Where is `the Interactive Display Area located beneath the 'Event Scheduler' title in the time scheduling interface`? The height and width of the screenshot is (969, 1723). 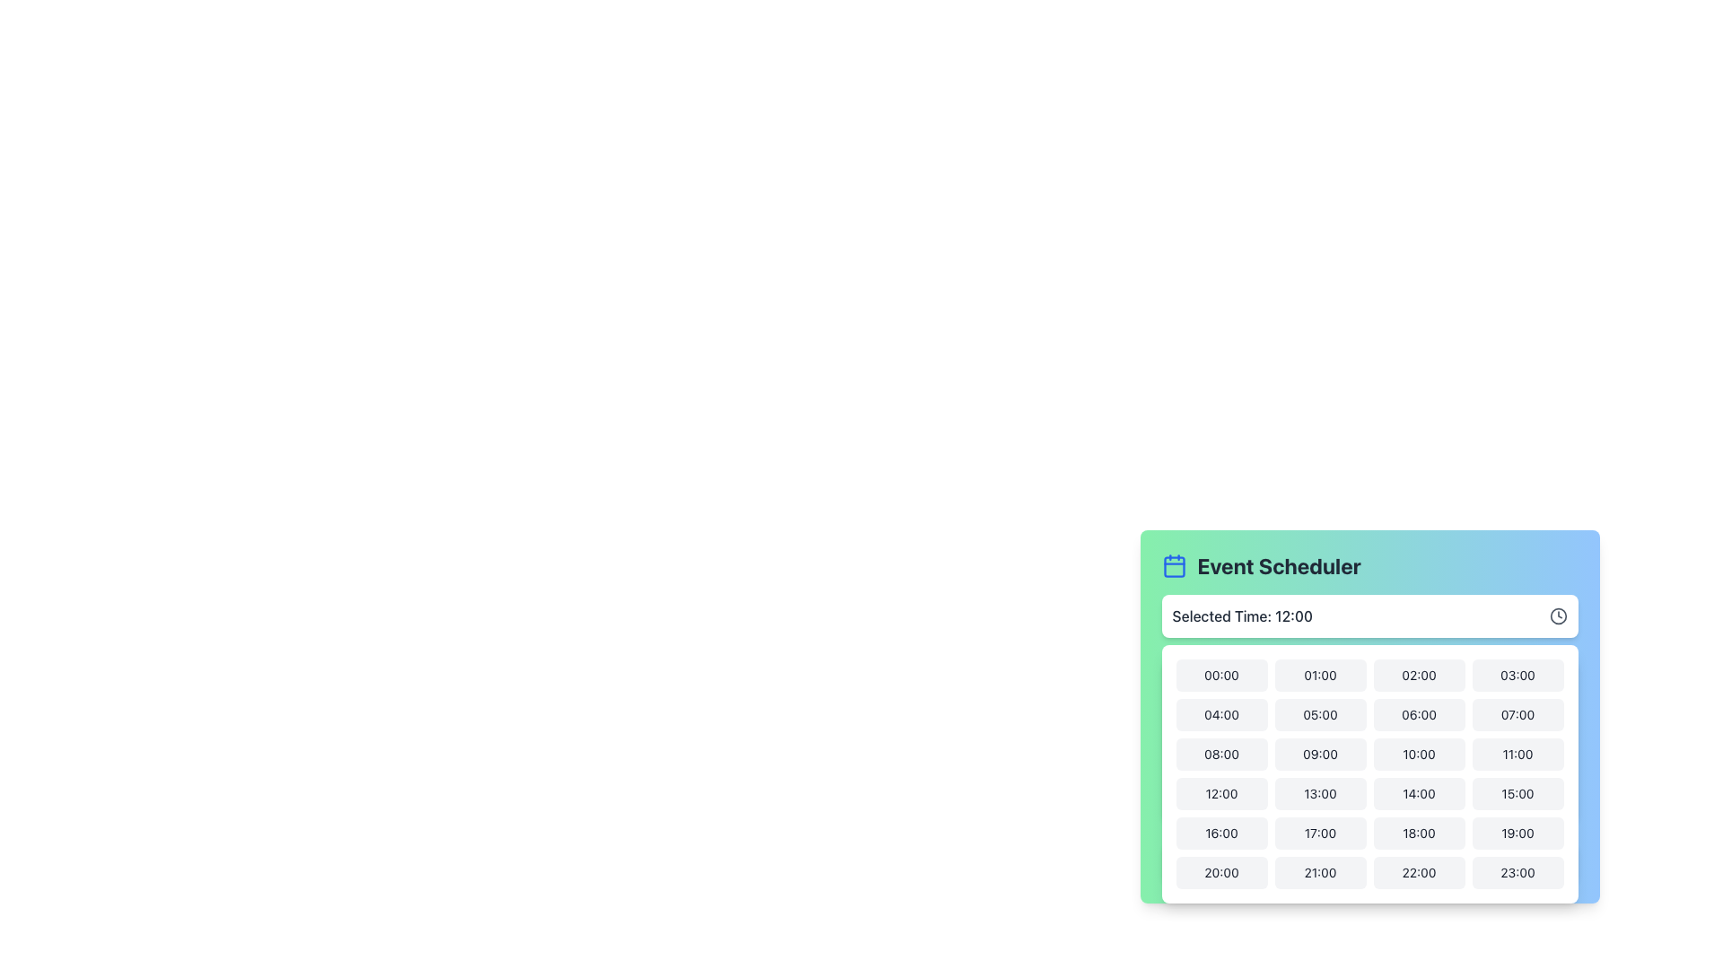
the Interactive Display Area located beneath the 'Event Scheduler' title in the time scheduling interface is located at coordinates (1369, 615).